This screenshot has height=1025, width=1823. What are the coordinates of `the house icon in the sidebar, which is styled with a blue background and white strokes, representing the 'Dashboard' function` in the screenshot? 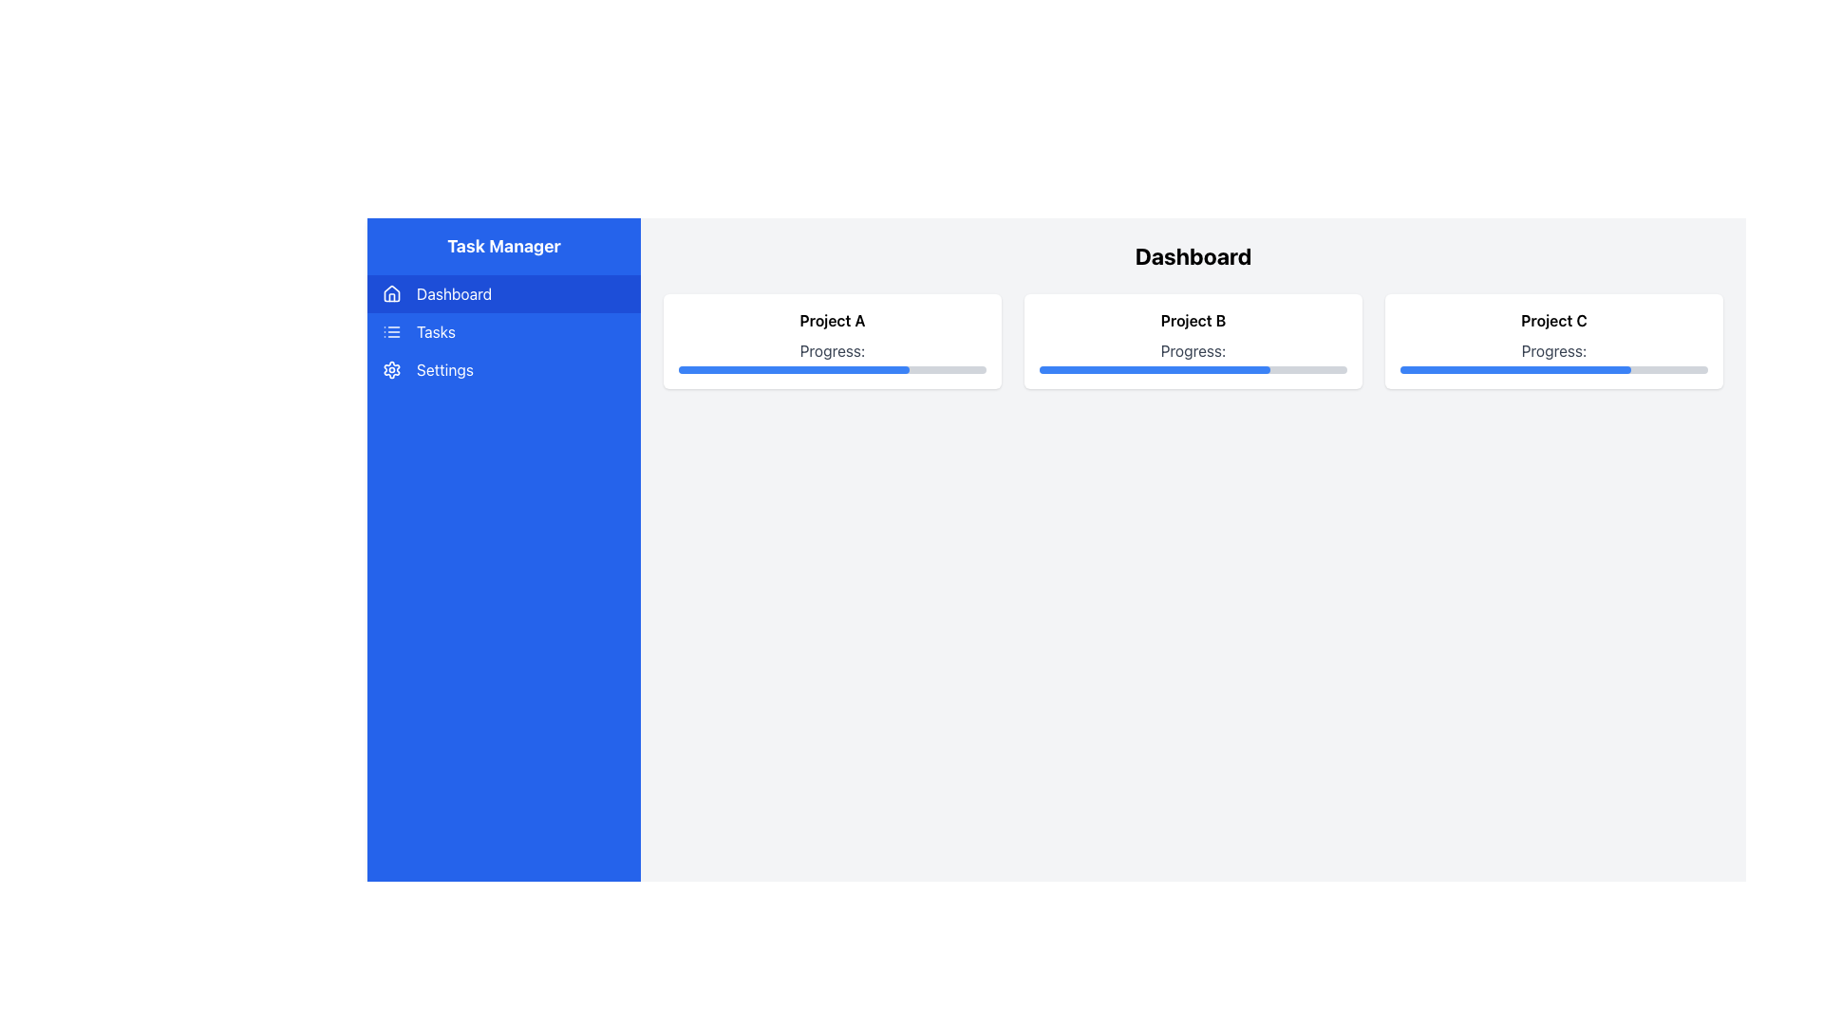 It's located at (390, 293).